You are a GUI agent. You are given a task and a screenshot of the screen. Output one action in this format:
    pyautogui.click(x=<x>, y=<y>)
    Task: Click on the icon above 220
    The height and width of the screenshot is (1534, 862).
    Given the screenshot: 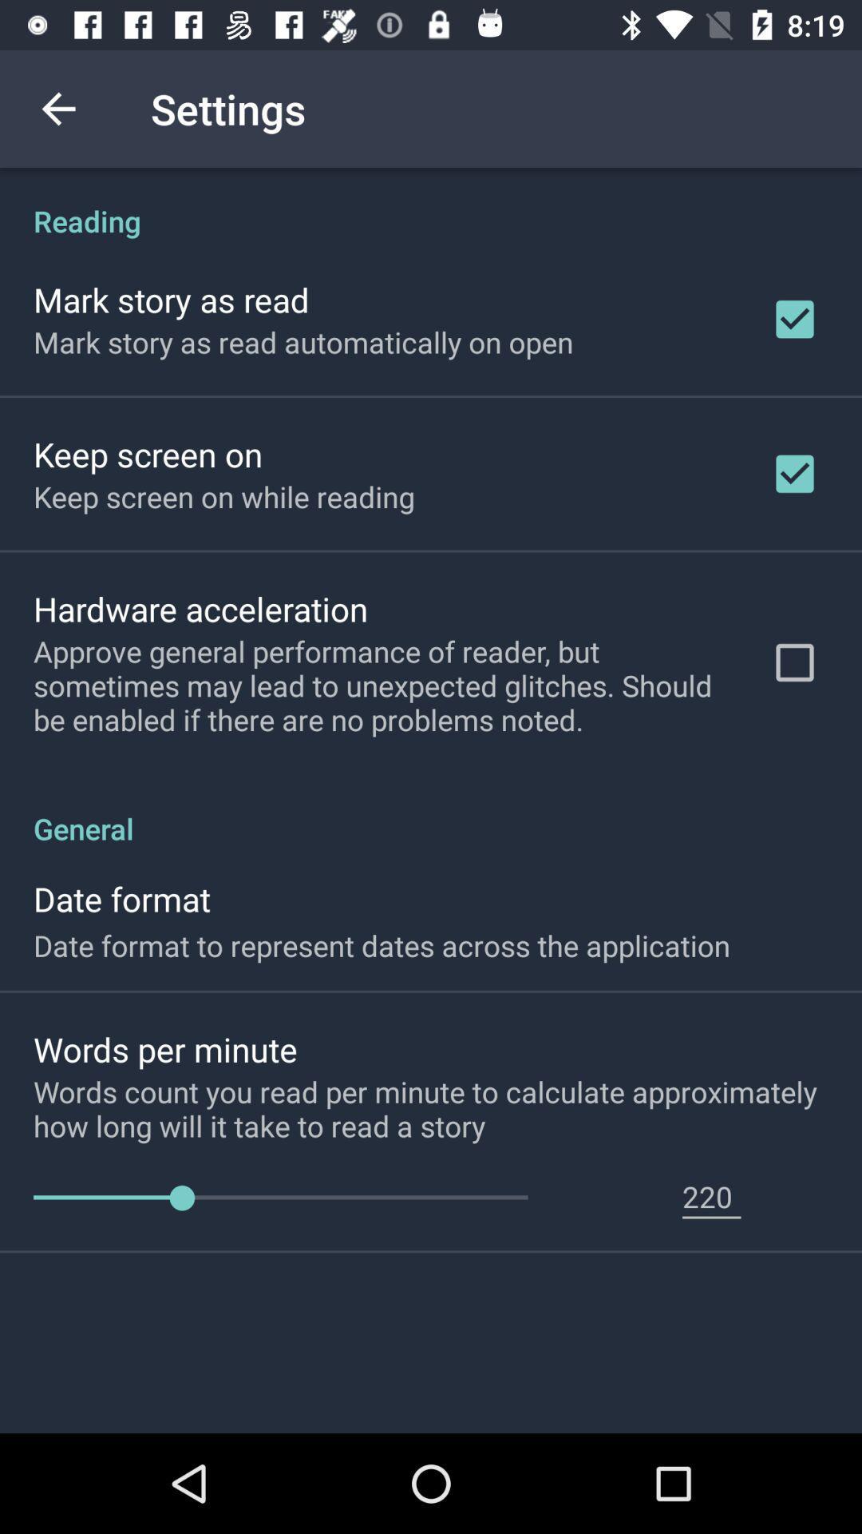 What is the action you would take?
    pyautogui.click(x=447, y=1107)
    